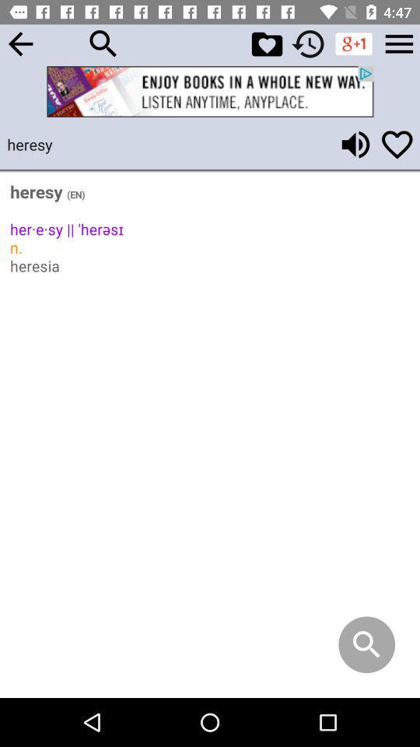 This screenshot has height=747, width=420. What do you see at coordinates (19, 43) in the screenshot?
I see `backword the option` at bounding box center [19, 43].